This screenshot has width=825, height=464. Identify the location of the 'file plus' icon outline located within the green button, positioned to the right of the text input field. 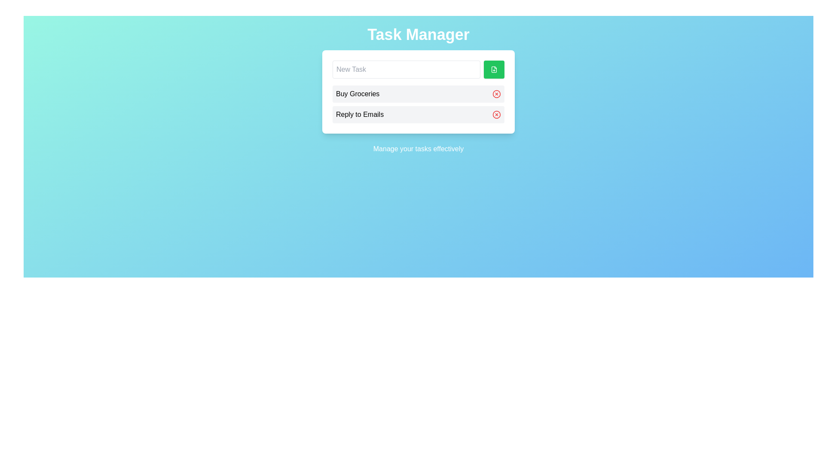
(494, 69).